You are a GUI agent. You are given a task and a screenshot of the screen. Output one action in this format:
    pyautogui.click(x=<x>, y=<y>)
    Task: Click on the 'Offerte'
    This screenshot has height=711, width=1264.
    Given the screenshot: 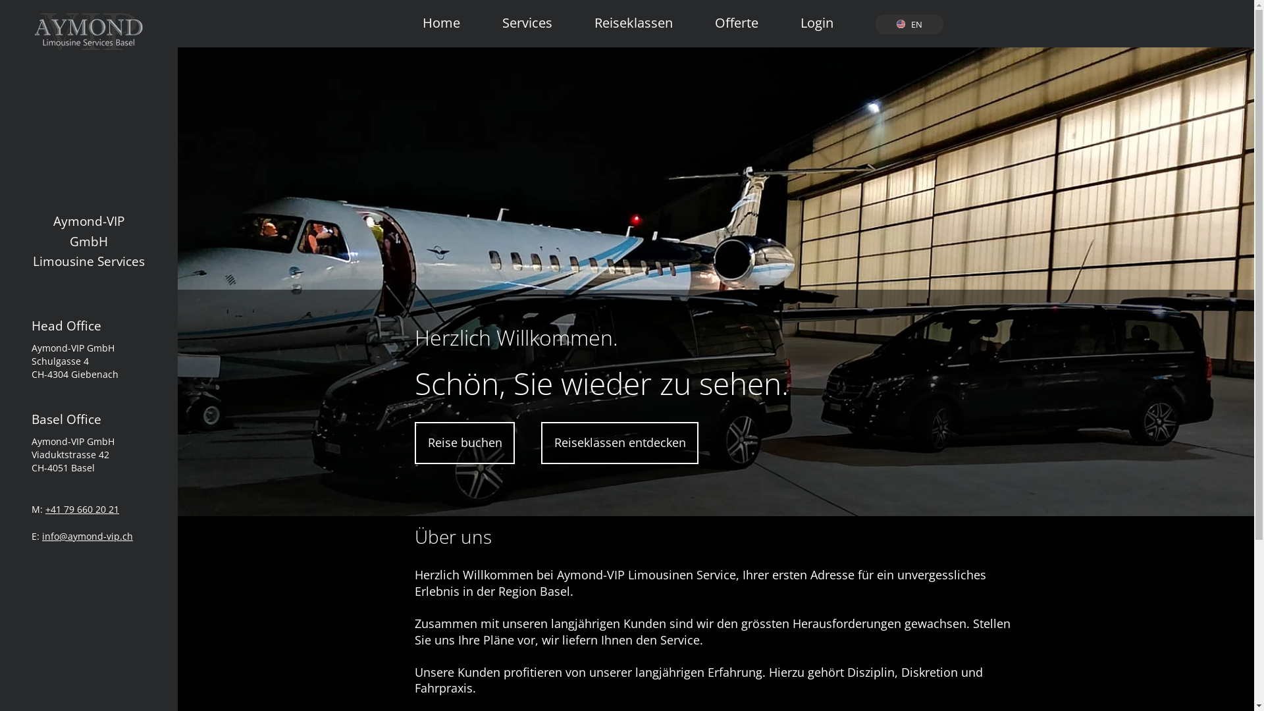 What is the action you would take?
    pyautogui.click(x=735, y=16)
    